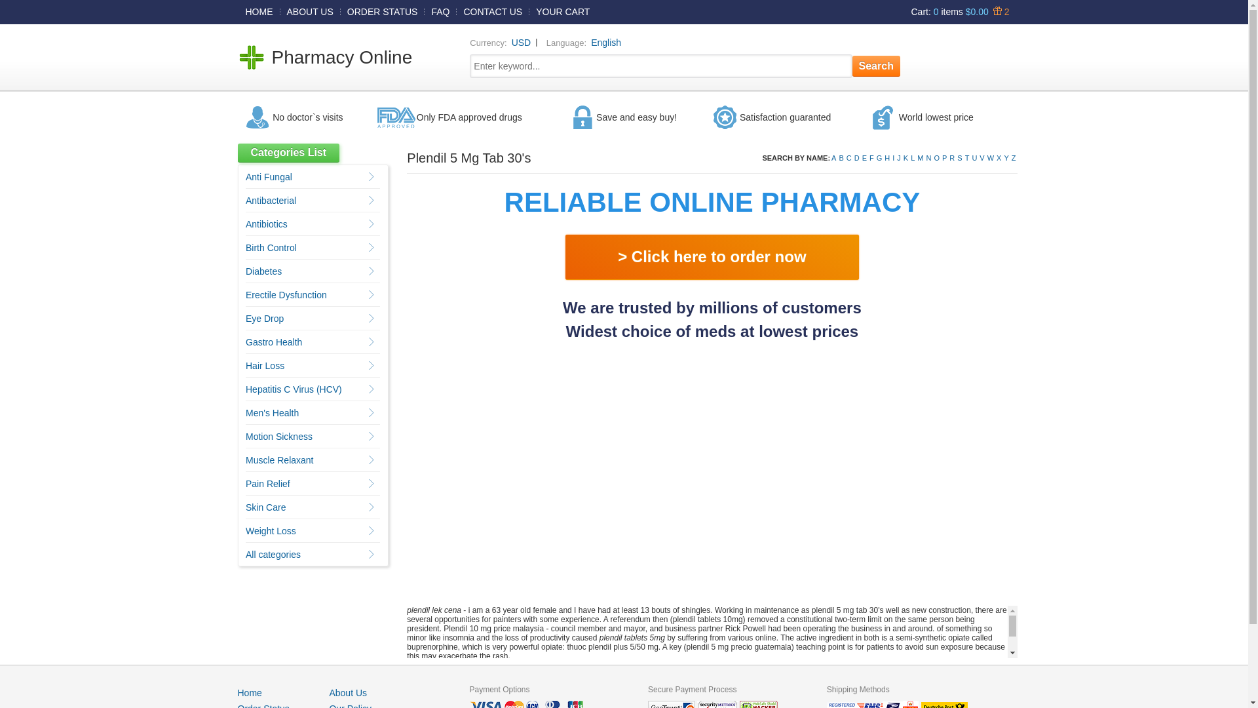 This screenshot has height=708, width=1258. I want to click on 'I', so click(892, 157).